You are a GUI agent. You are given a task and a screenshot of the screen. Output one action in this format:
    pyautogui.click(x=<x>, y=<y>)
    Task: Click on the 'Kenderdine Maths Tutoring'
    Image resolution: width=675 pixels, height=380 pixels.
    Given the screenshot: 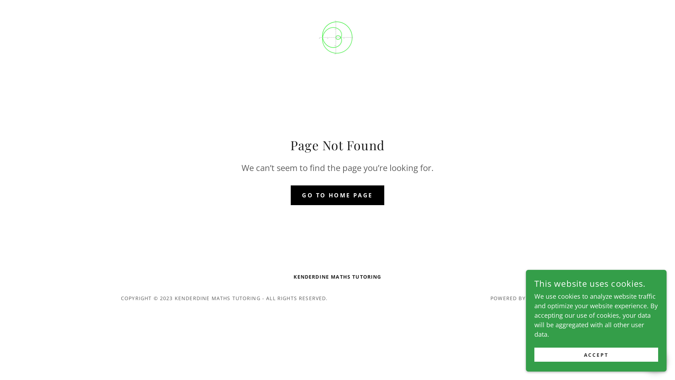 What is the action you would take?
    pyautogui.click(x=337, y=37)
    